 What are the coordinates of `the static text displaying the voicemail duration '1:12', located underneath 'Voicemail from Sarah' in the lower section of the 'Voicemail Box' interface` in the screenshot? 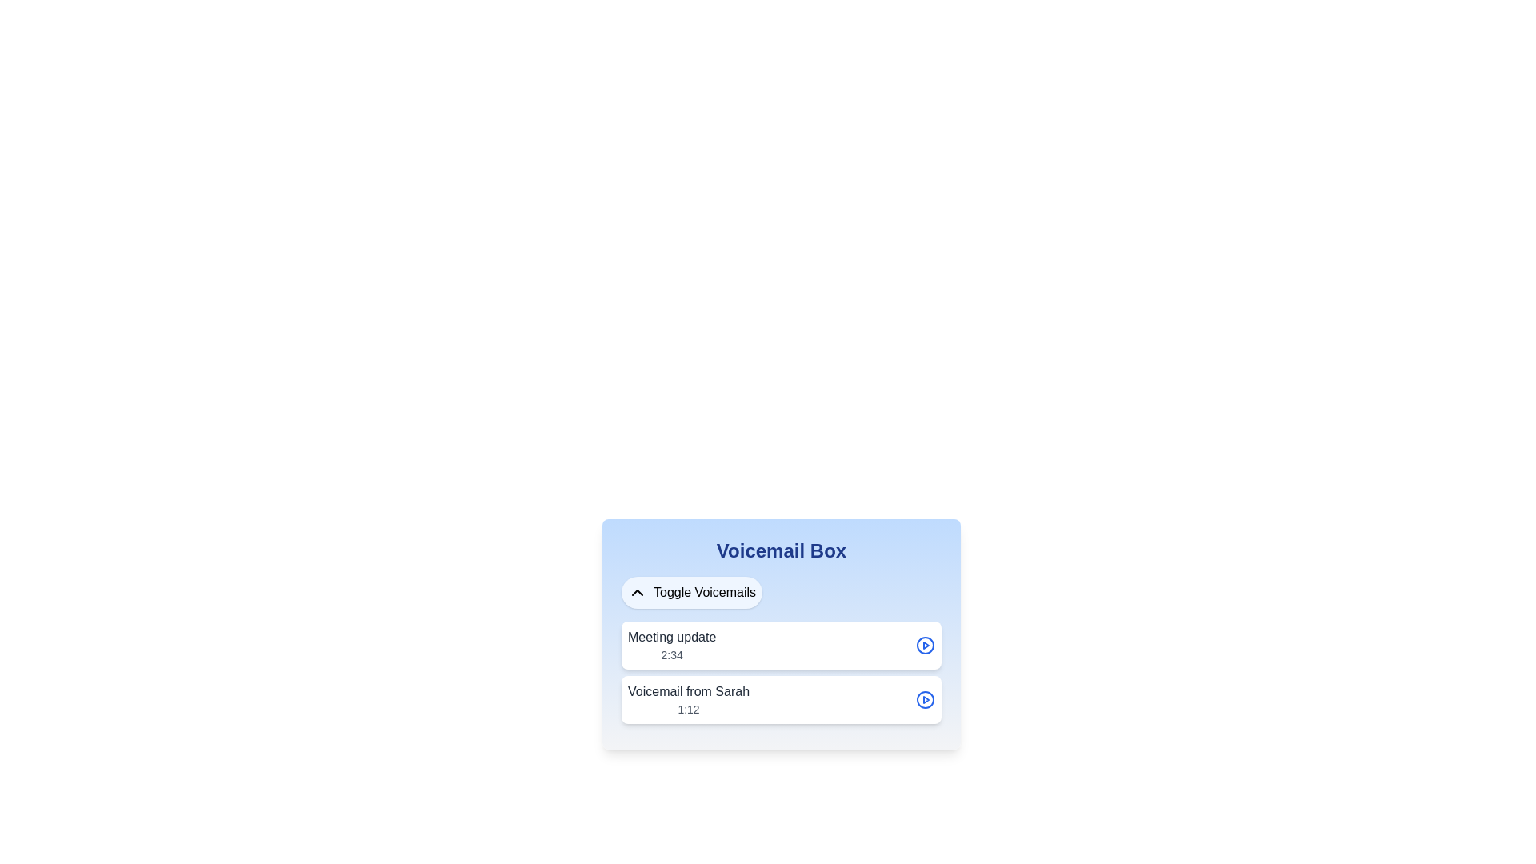 It's located at (689, 709).